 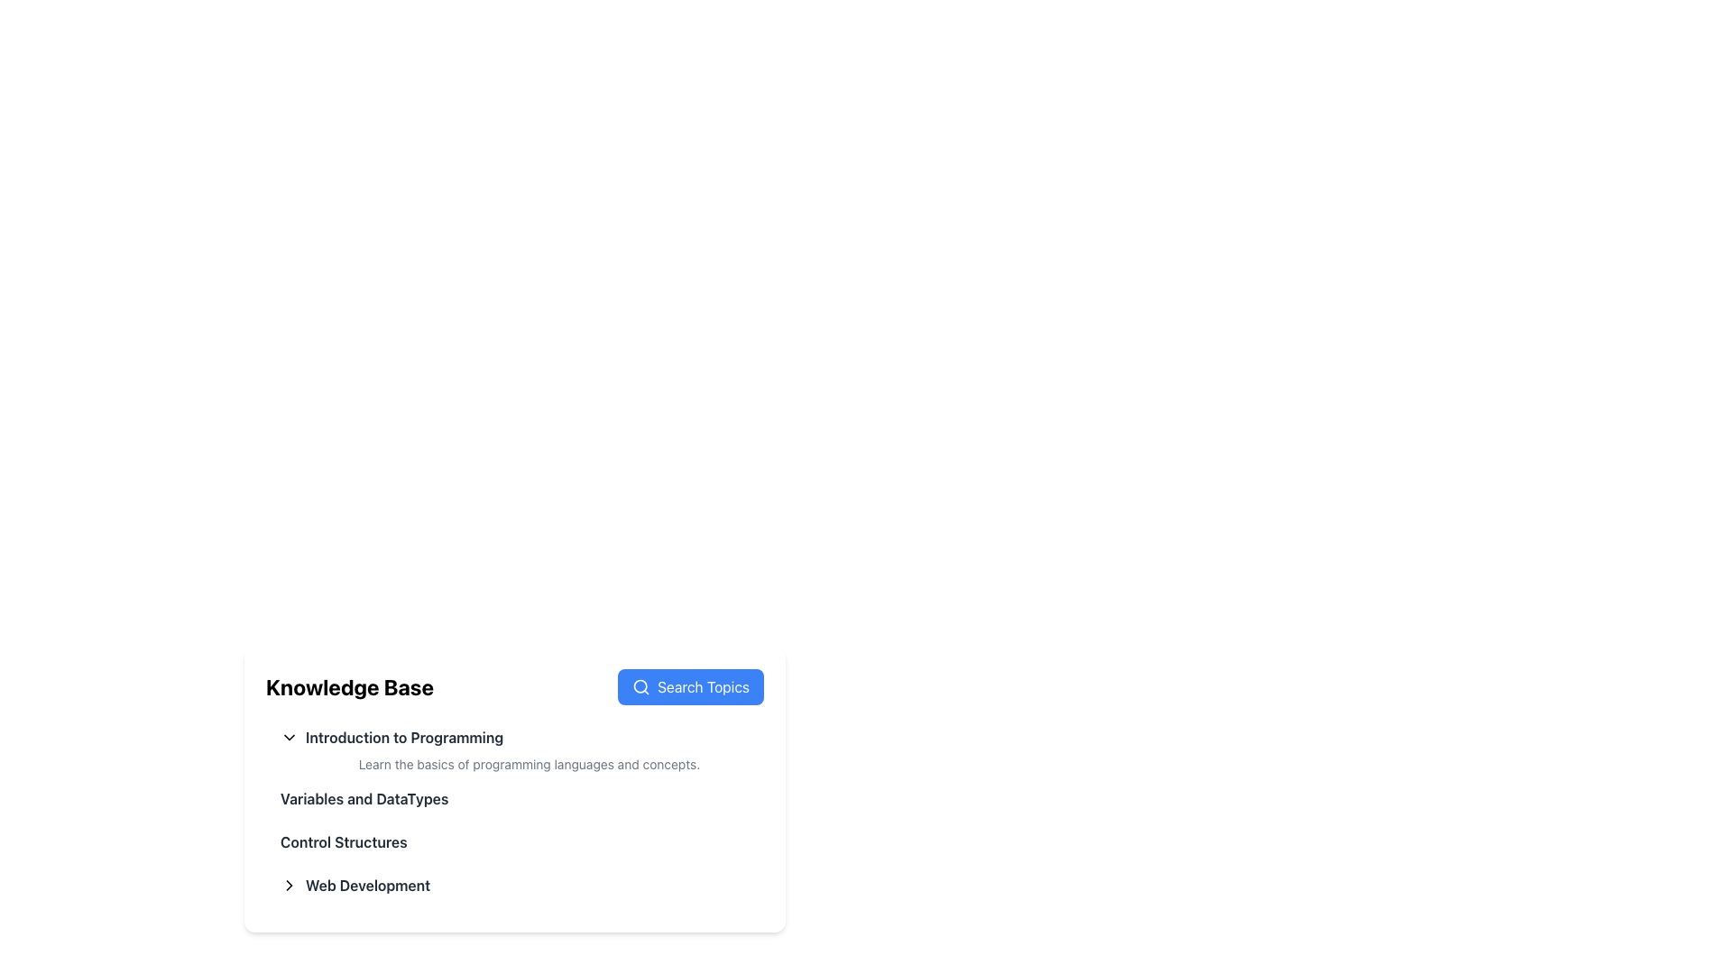 What do you see at coordinates (290, 885) in the screenshot?
I see `the chevron icon located at the leftmost position in the 'Web Development' row` at bounding box center [290, 885].